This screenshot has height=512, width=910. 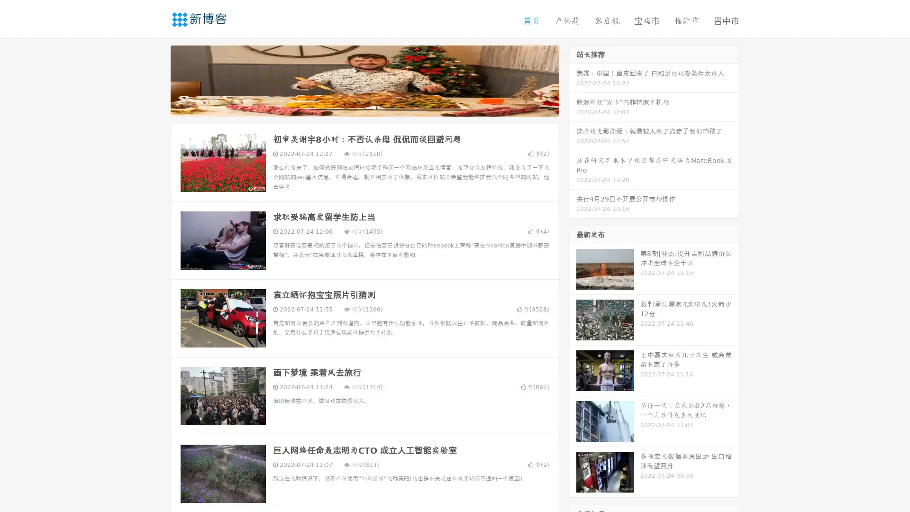 I want to click on Go to slide 2, so click(x=364, y=107).